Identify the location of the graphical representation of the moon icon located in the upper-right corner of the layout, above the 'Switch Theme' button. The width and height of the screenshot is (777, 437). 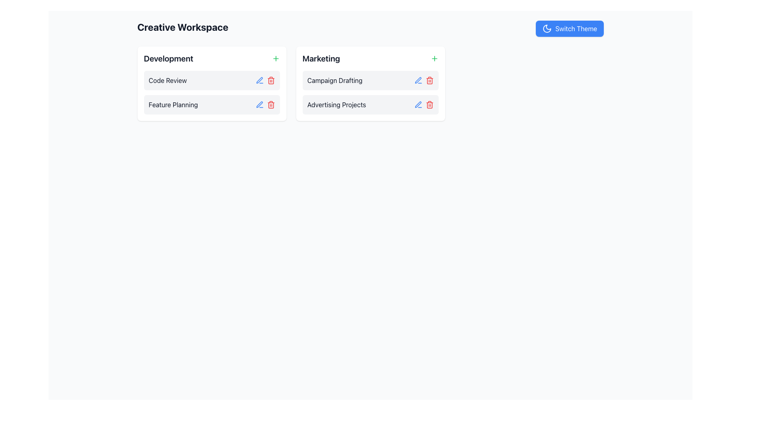
(547, 28).